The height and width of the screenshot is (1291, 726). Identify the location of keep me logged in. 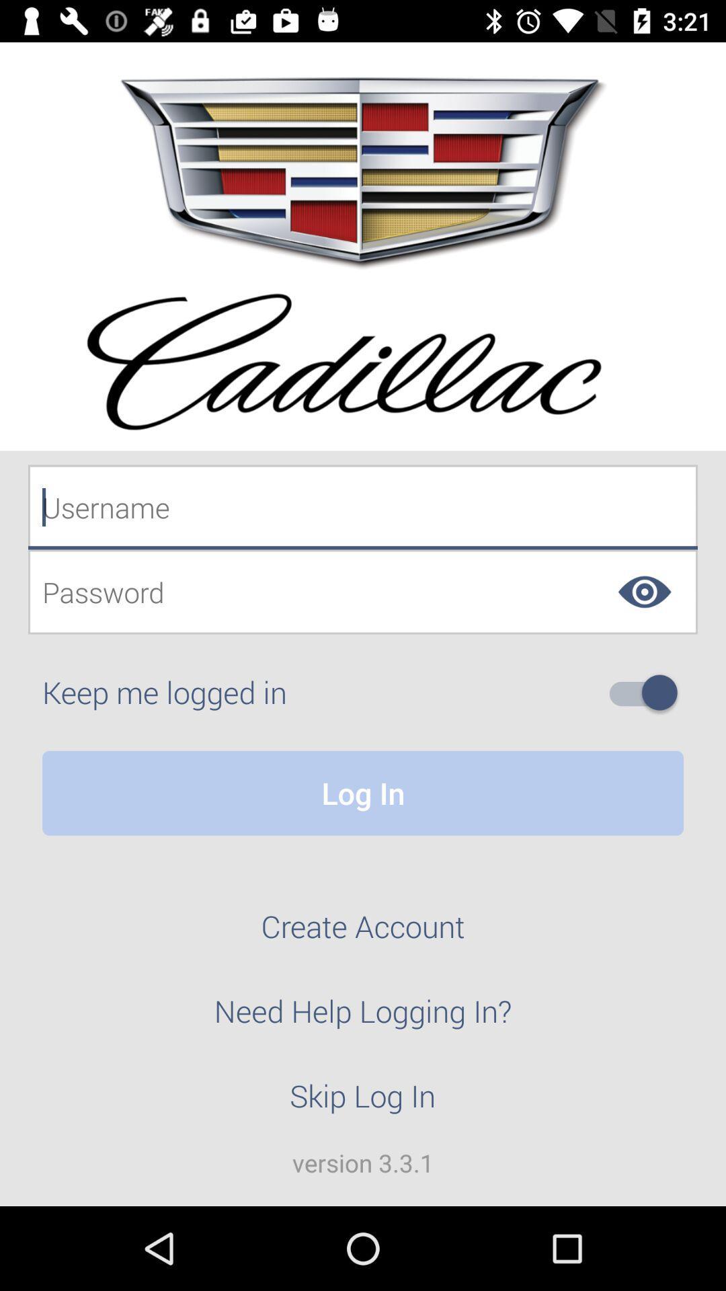
(648, 693).